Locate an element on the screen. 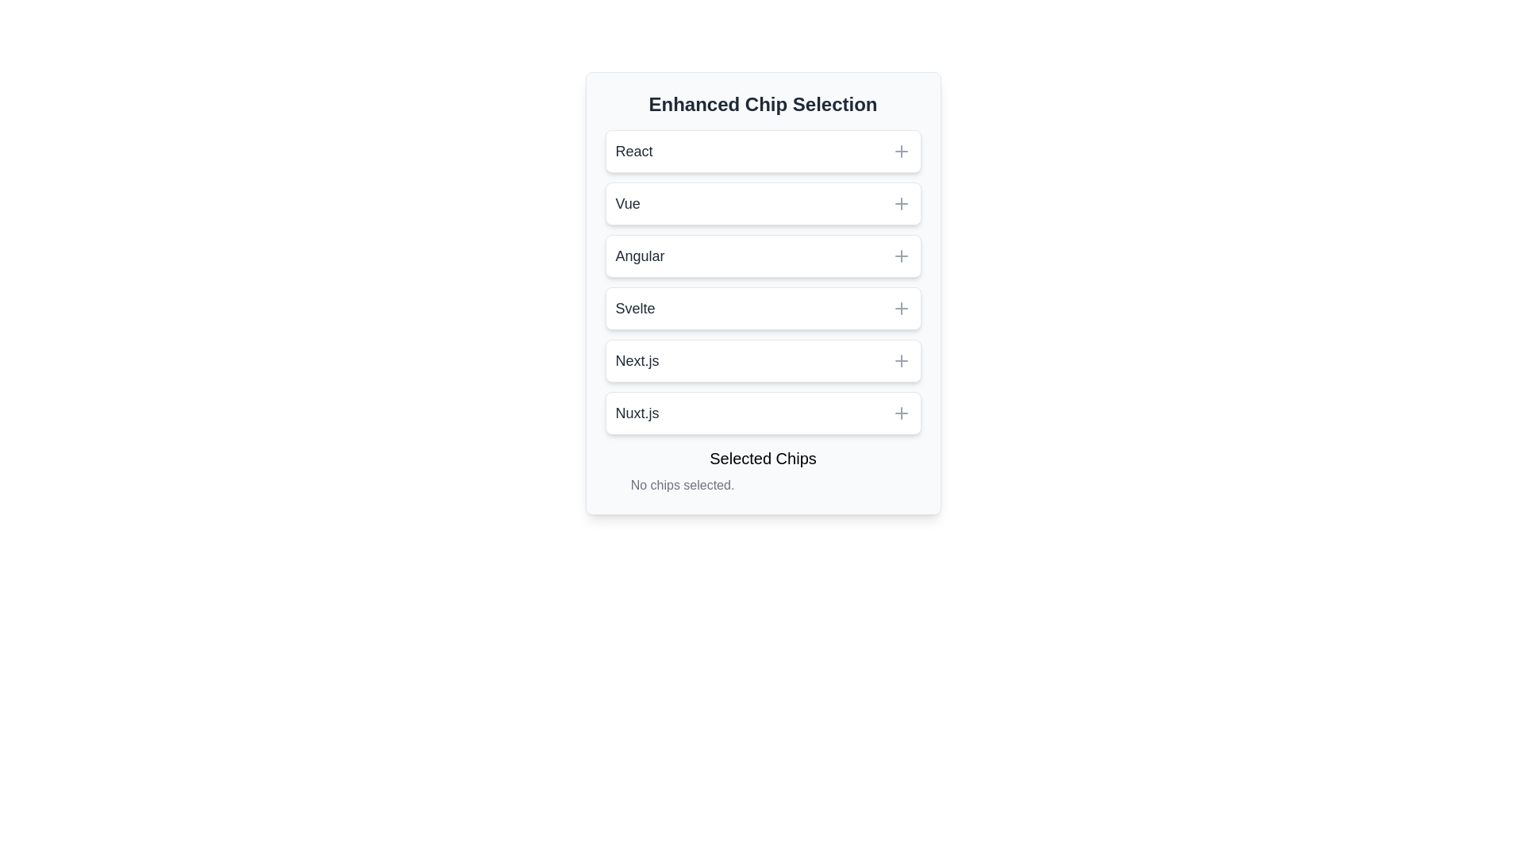  the text label displaying 'Nuxt.js' within the last selectable card in the vertical list is located at coordinates (637, 412).